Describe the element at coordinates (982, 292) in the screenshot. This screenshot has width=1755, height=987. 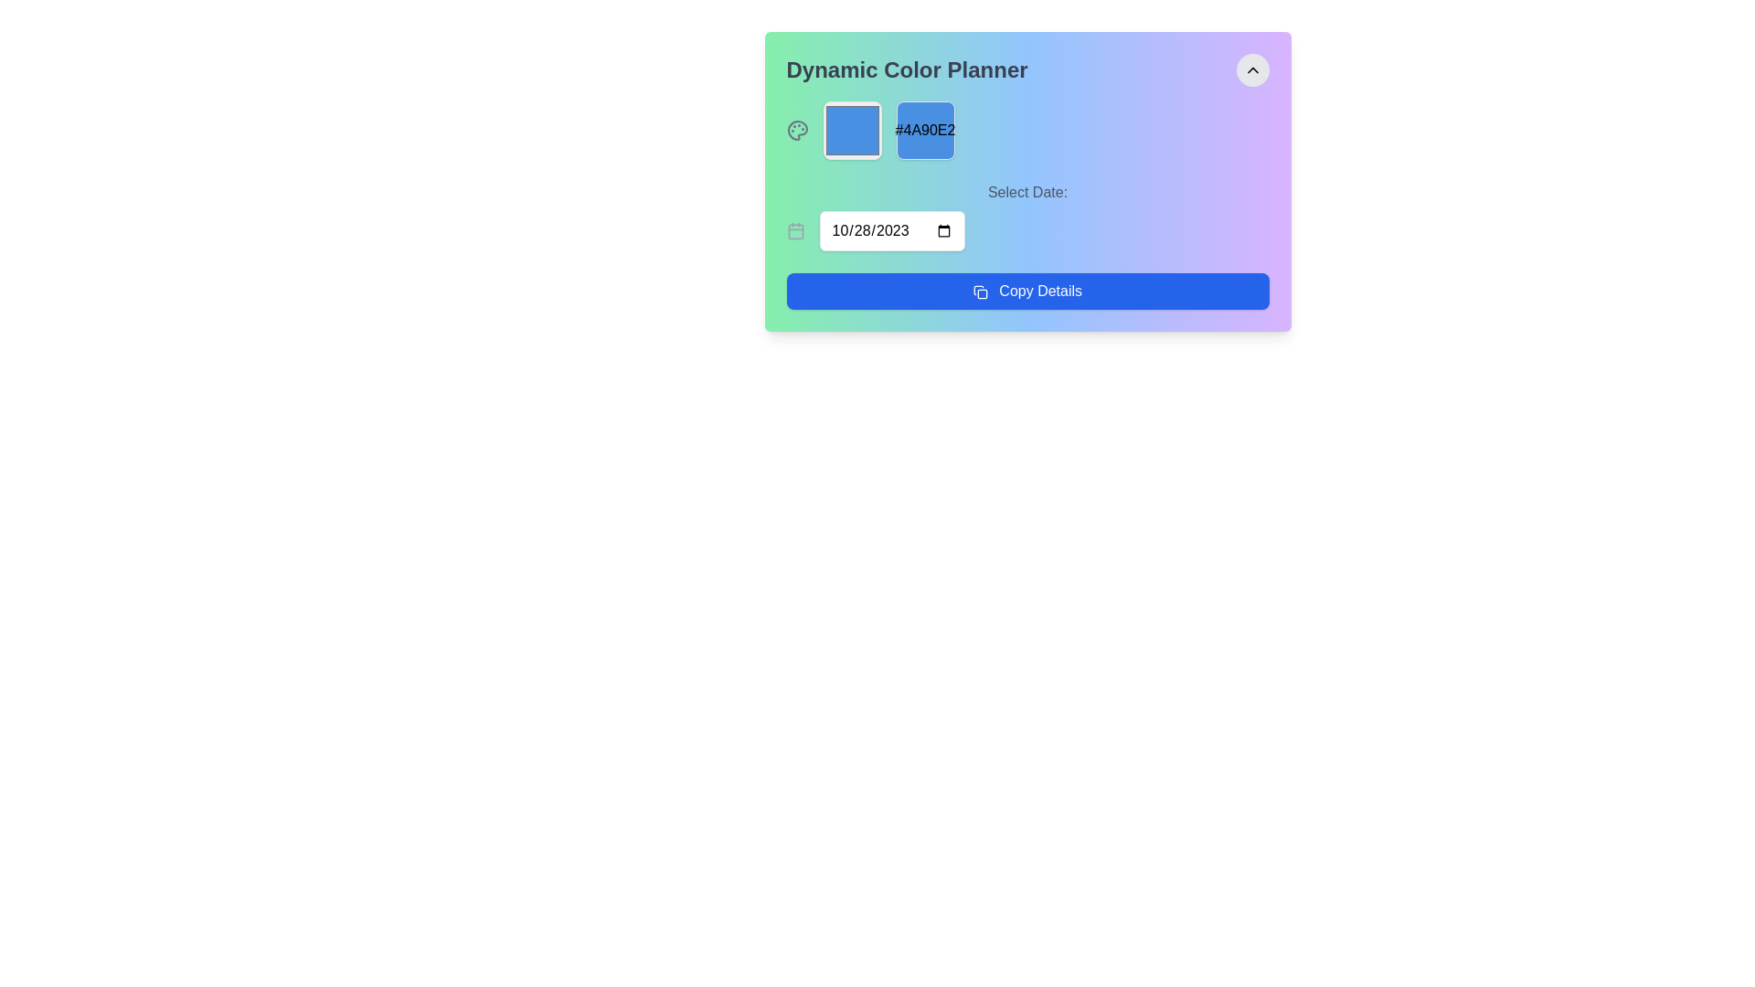
I see `the small square with rounded corners that is part of the copy symbol icon located on the right side of the 'Copy Details' button` at that location.